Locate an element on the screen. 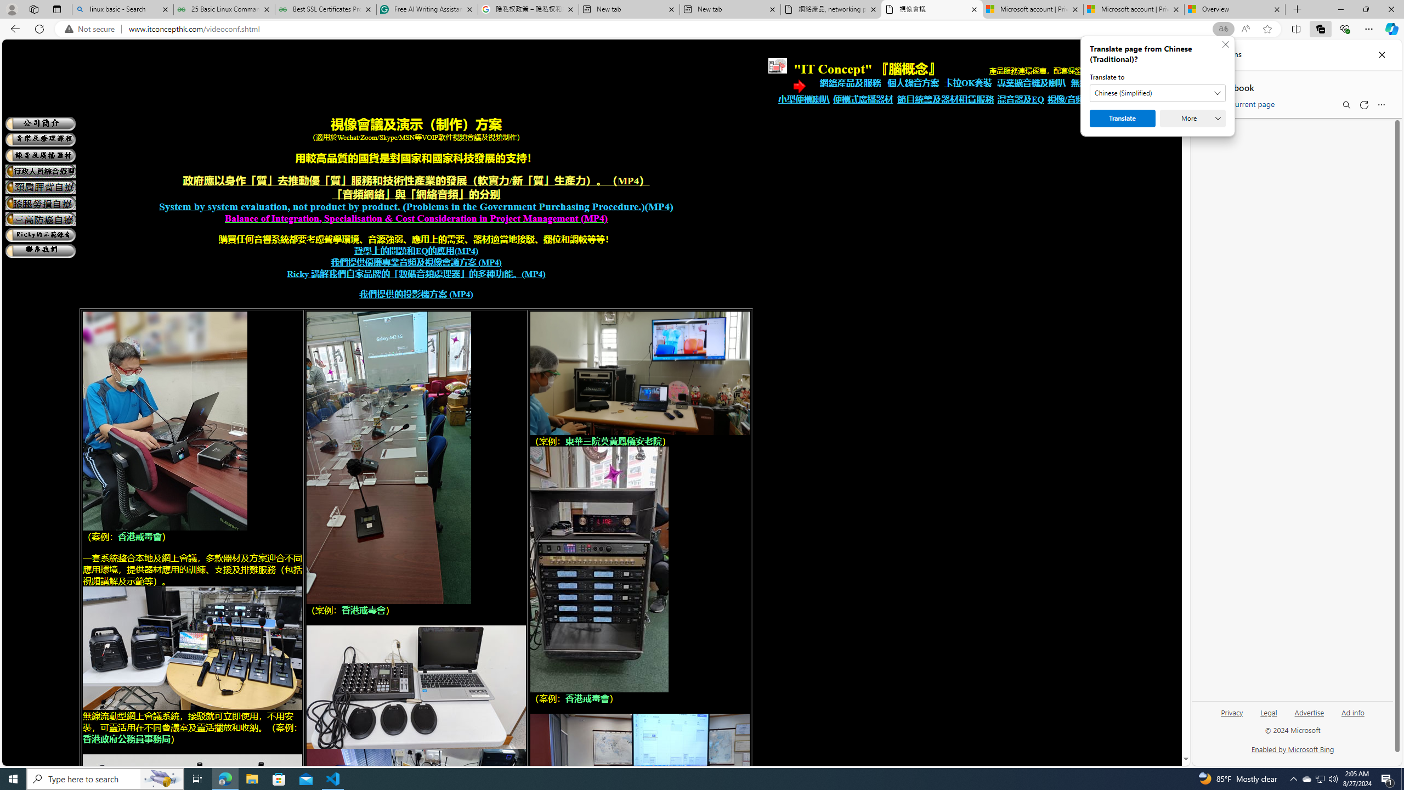  'Overview' is located at coordinates (1234, 9).